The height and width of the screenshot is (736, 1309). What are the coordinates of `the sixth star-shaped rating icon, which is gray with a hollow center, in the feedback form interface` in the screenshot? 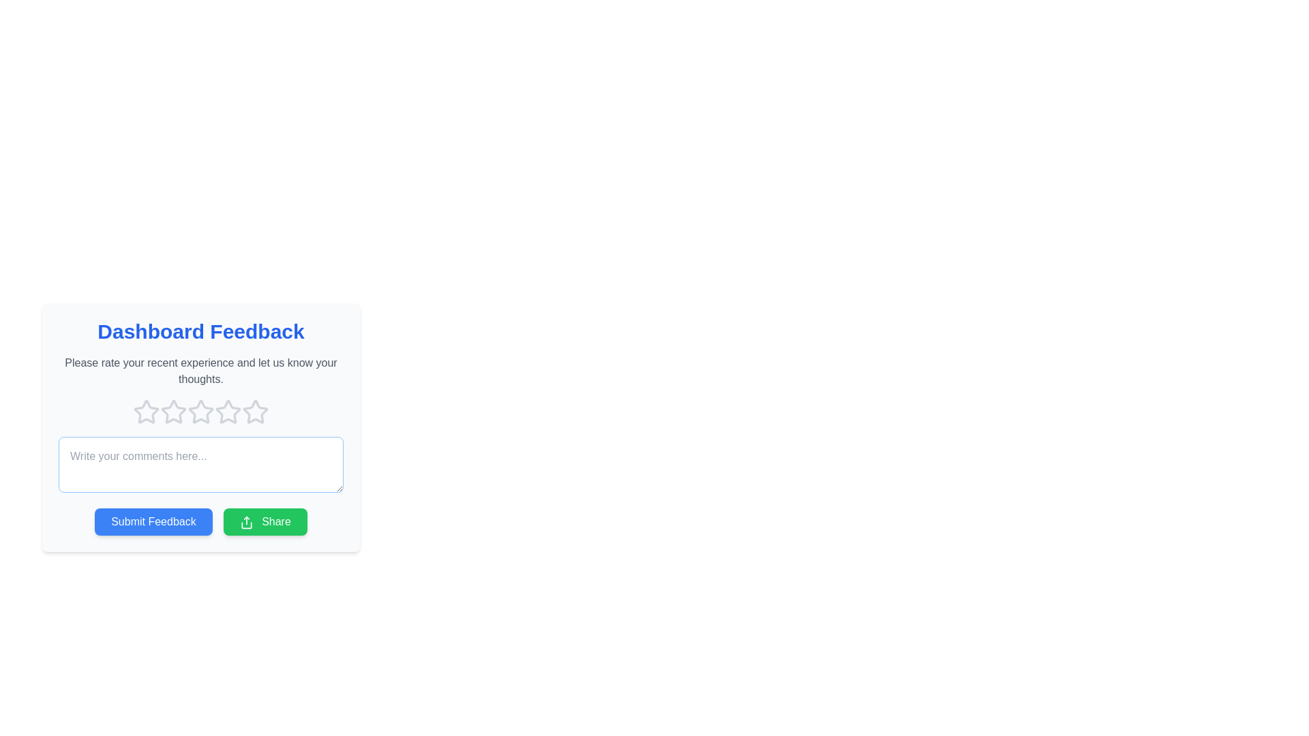 It's located at (228, 412).